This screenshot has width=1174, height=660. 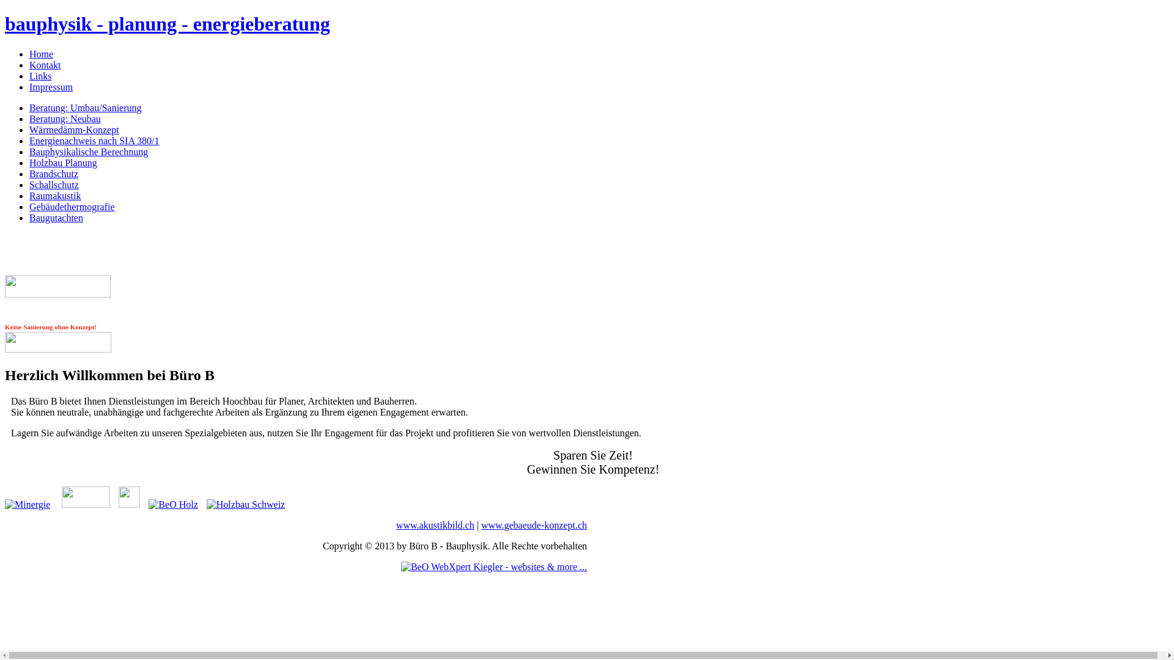 What do you see at coordinates (166, 23) in the screenshot?
I see `'bauphysik - planung - energieberatung'` at bounding box center [166, 23].